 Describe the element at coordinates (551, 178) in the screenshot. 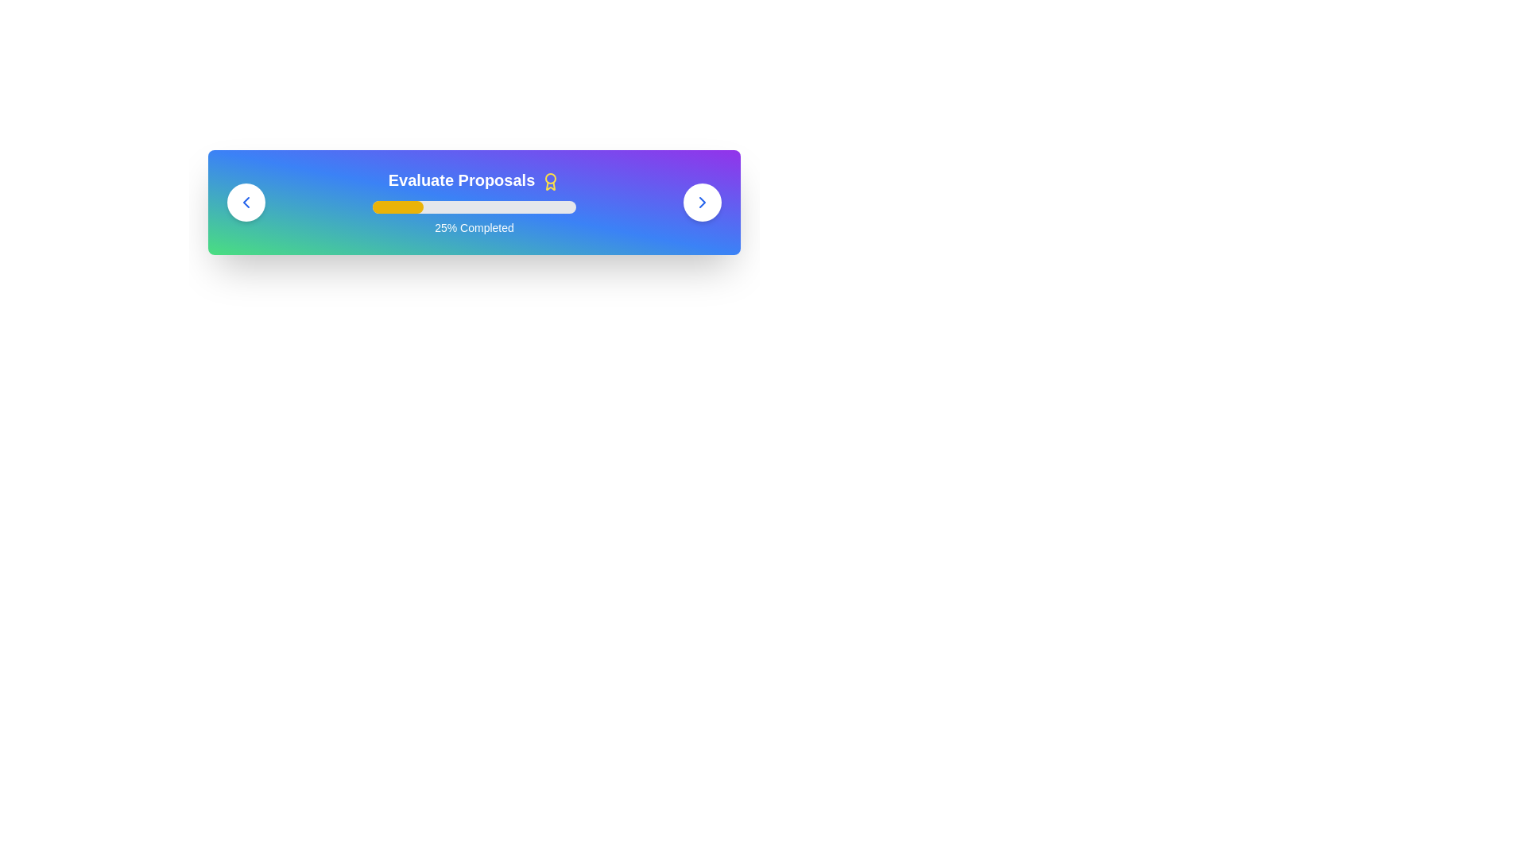

I see `the SVG Circle element that is part of a decorative award icon, located to the right of the 'Evaluate Proposals' label in a gradient-colored card` at that location.